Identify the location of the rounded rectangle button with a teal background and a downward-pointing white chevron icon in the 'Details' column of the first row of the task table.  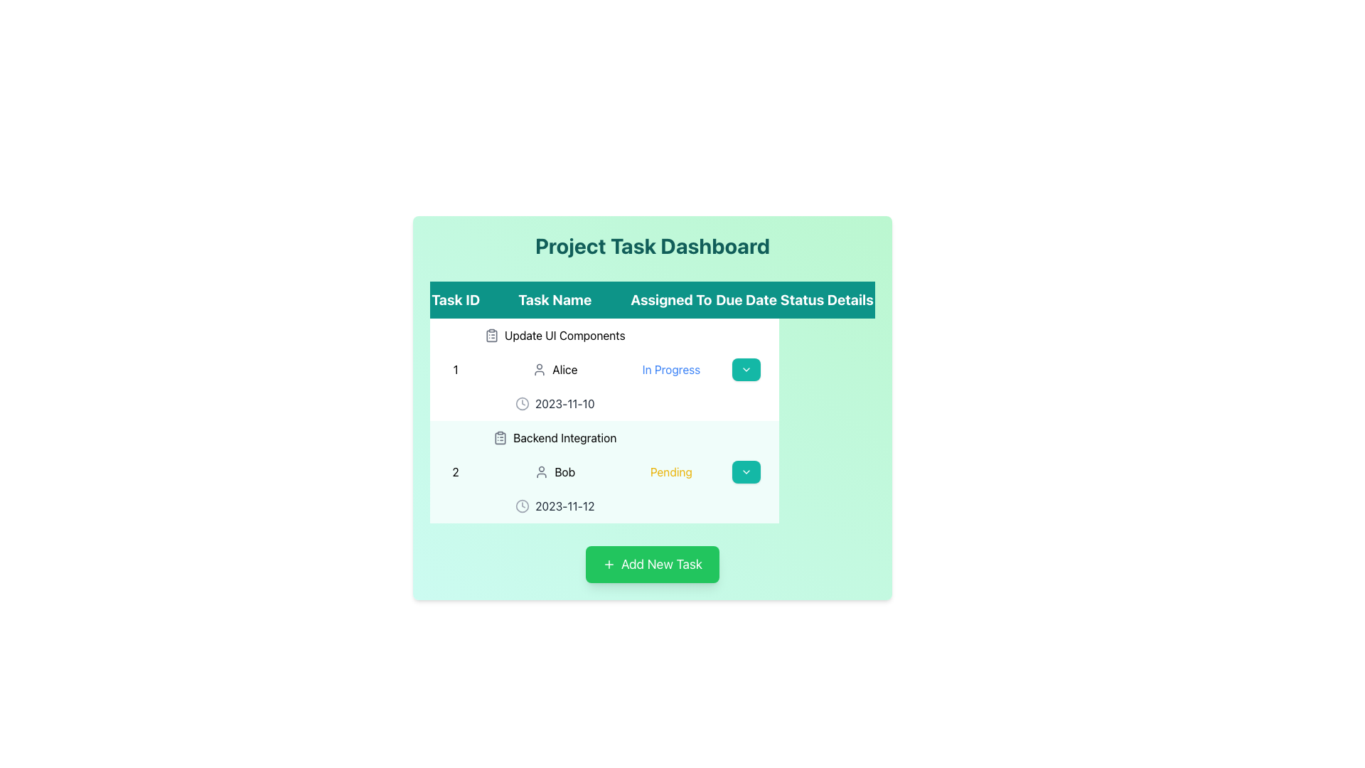
(746, 369).